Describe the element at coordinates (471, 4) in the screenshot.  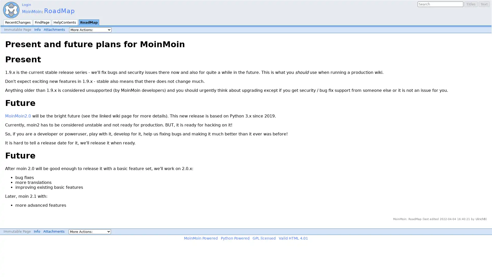
I see `Titles` at that location.